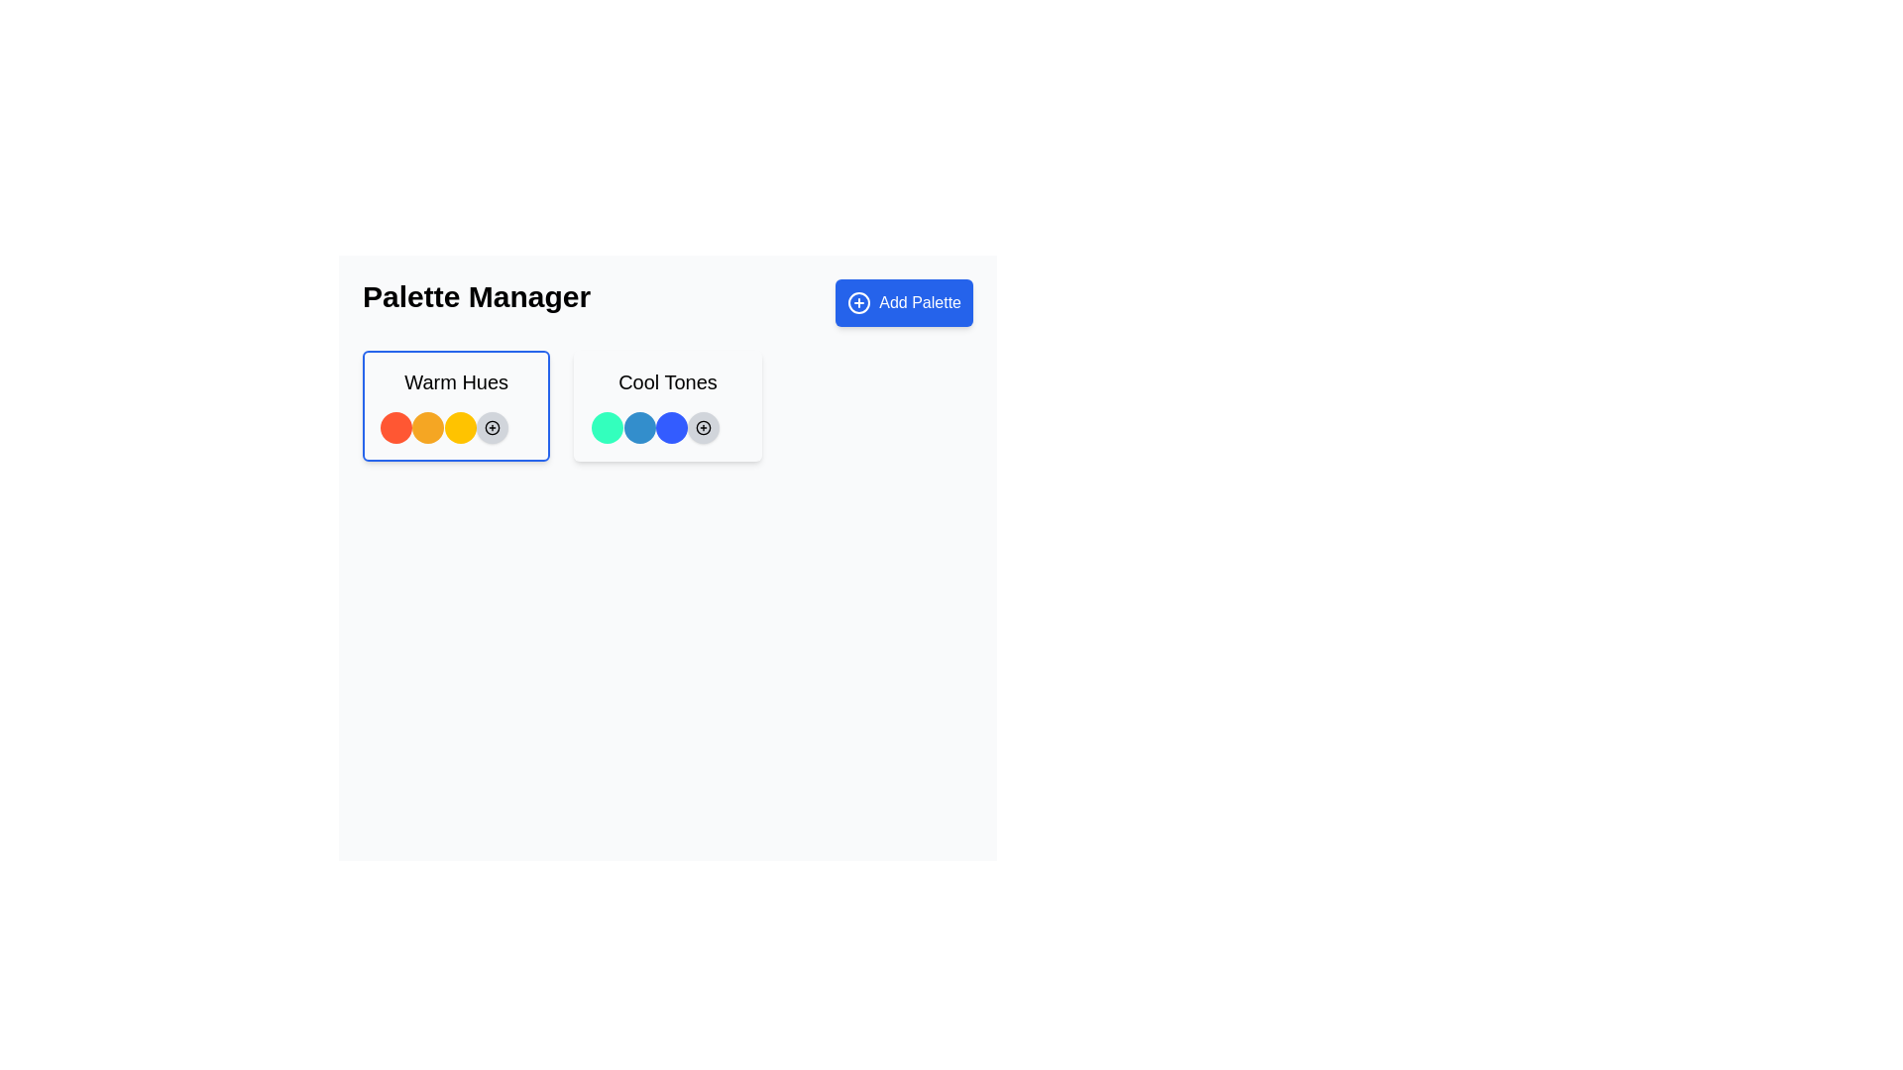 The width and height of the screenshot is (1903, 1070). I want to click on the 'Warm Hues' color palette card in the 'Palette Manager' interface, so click(455, 404).